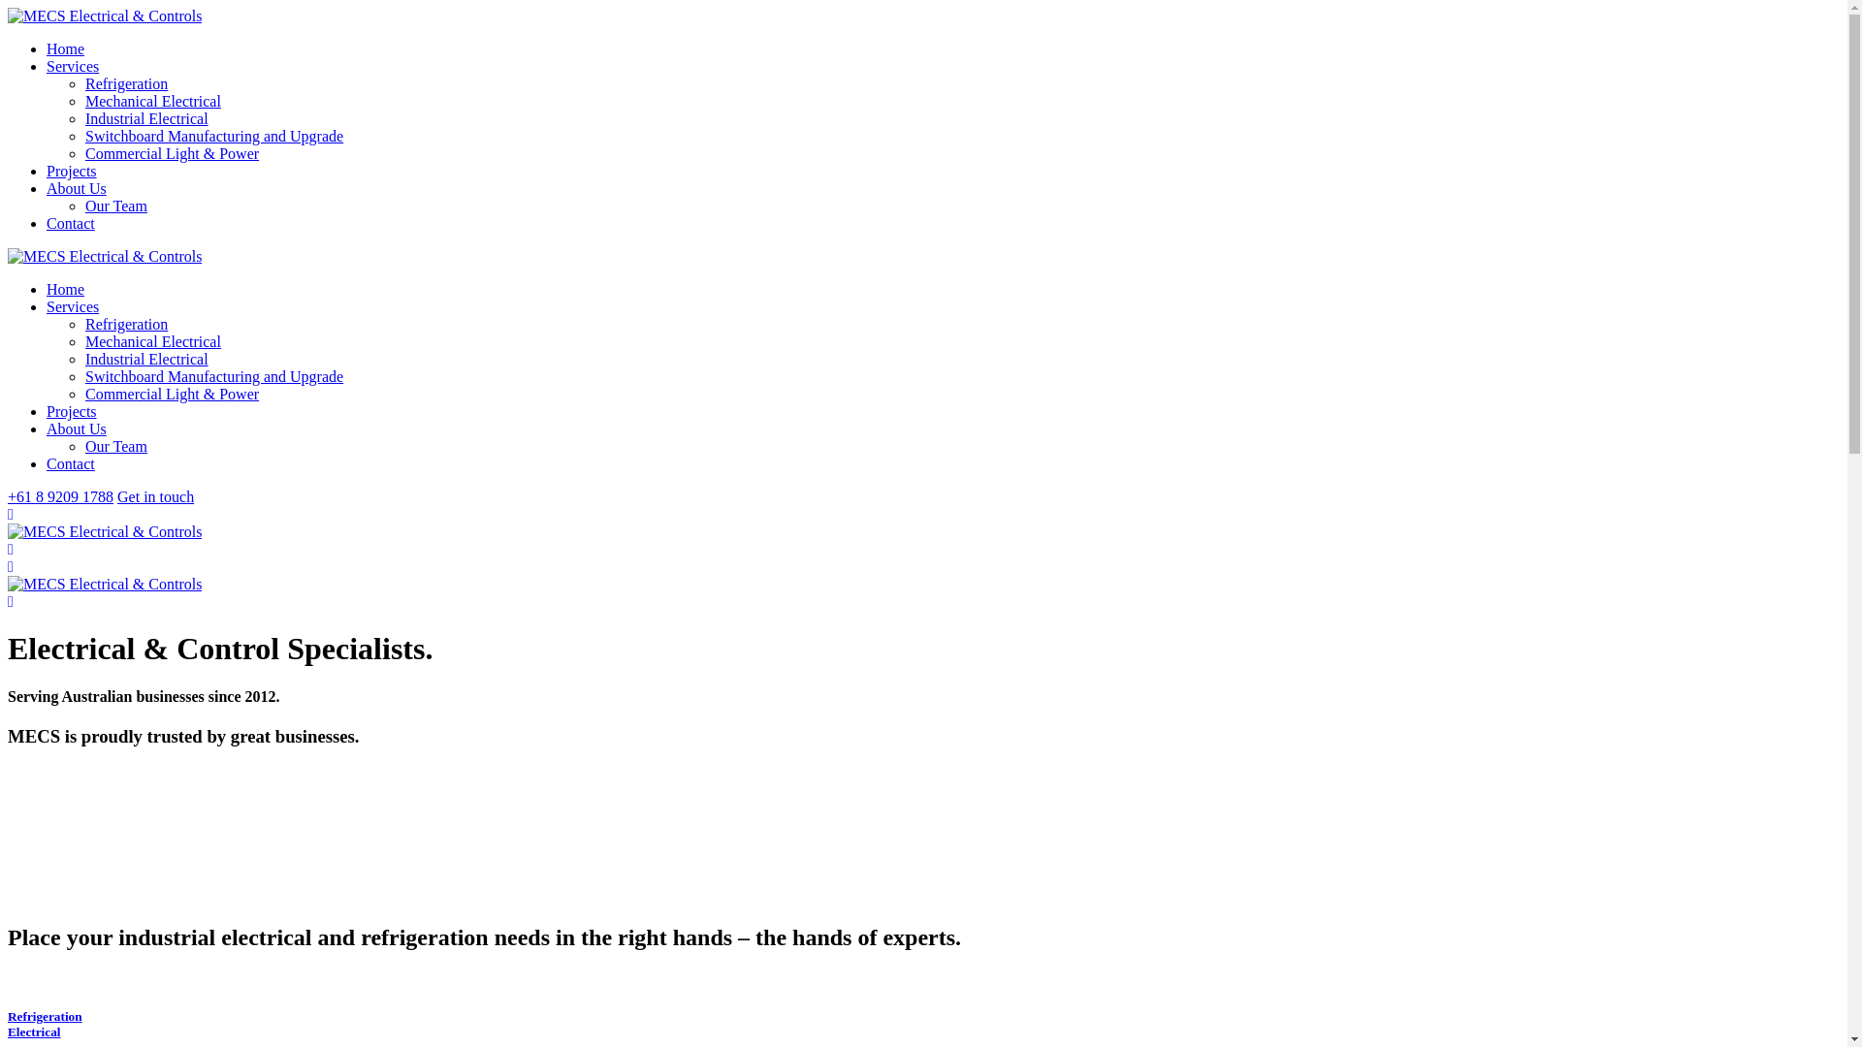 The image size is (1862, 1047). What do you see at coordinates (73, 65) in the screenshot?
I see `'Services'` at bounding box center [73, 65].